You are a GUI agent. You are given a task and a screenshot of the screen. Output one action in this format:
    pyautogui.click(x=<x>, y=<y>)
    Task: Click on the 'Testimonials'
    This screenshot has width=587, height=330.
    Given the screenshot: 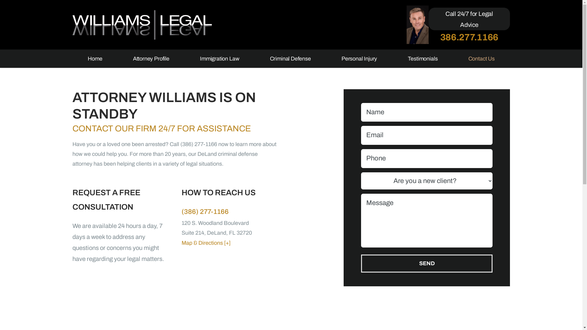 What is the action you would take?
    pyautogui.click(x=422, y=59)
    